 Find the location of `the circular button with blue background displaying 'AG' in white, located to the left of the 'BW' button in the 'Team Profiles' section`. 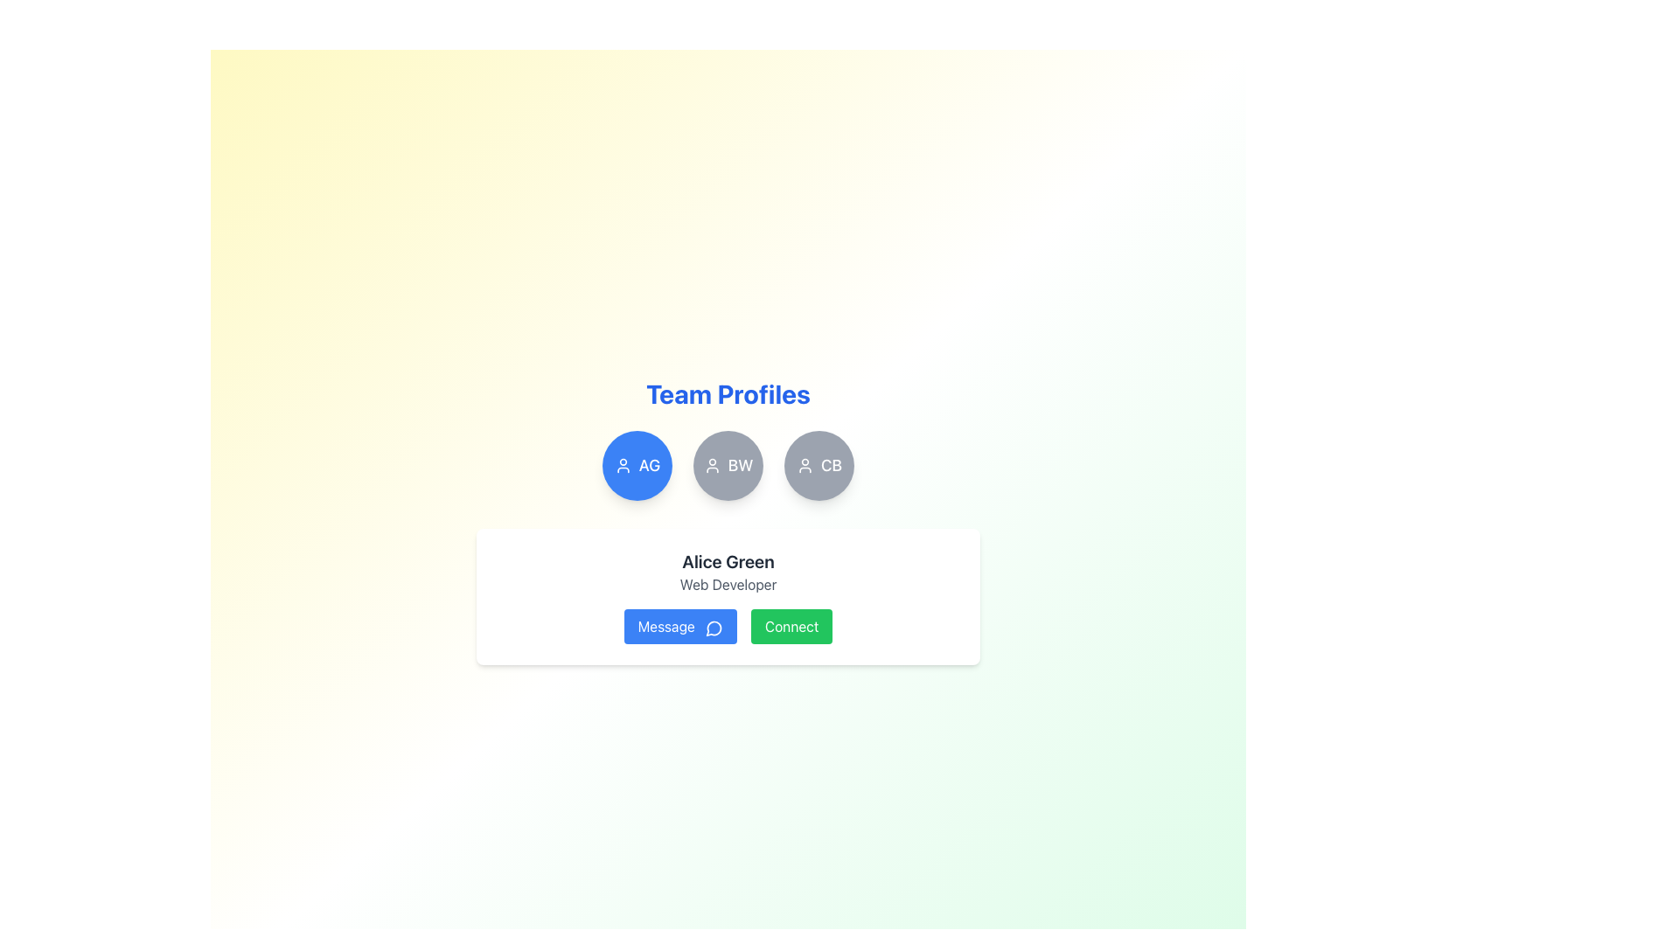

the circular button with blue background displaying 'AG' in white, located to the left of the 'BW' button in the 'Team Profiles' section is located at coordinates (637, 464).